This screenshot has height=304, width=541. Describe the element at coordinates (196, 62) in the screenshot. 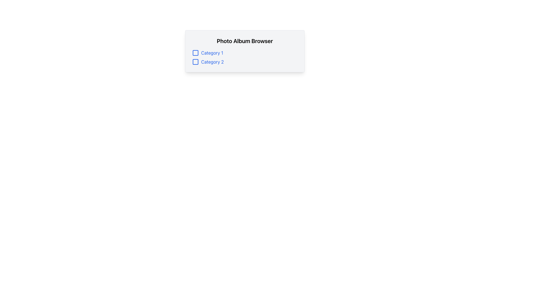

I see `the checkbox element associated with 'Category 2'` at that location.